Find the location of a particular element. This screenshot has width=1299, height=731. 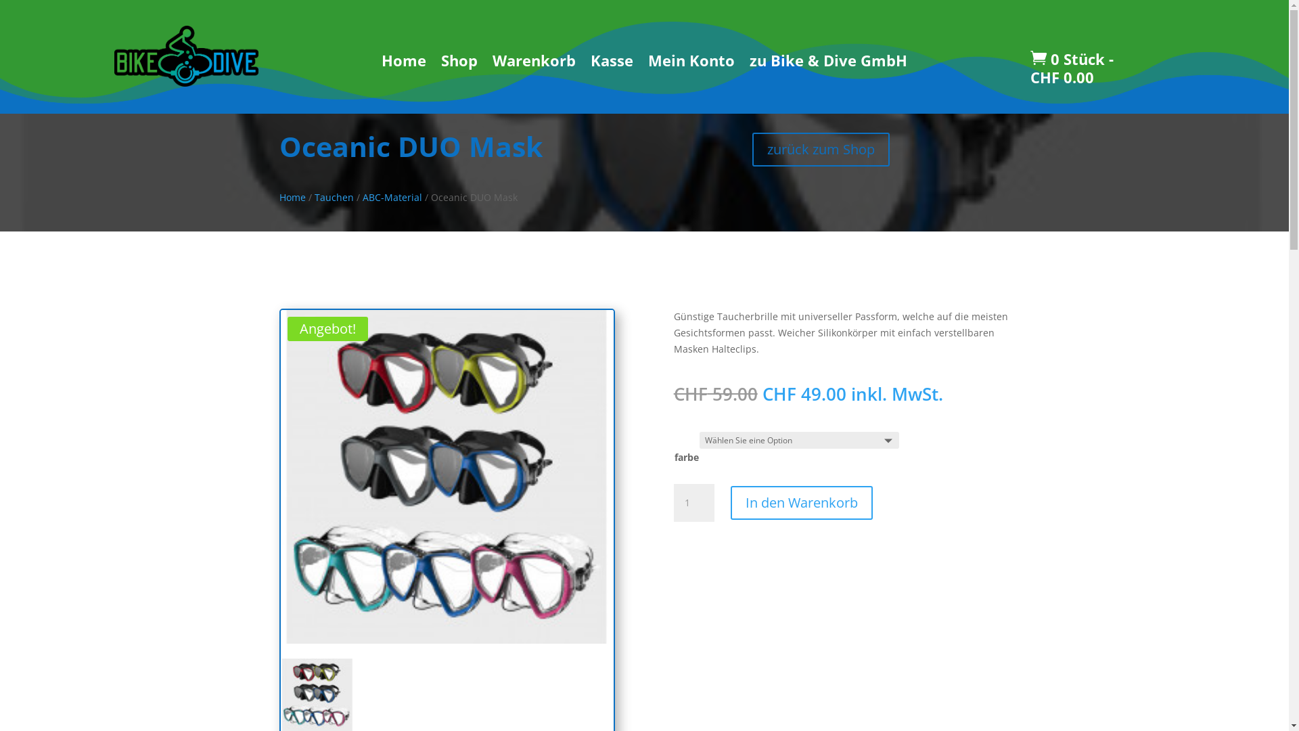

'In den Warenkorb' is located at coordinates (802, 503).